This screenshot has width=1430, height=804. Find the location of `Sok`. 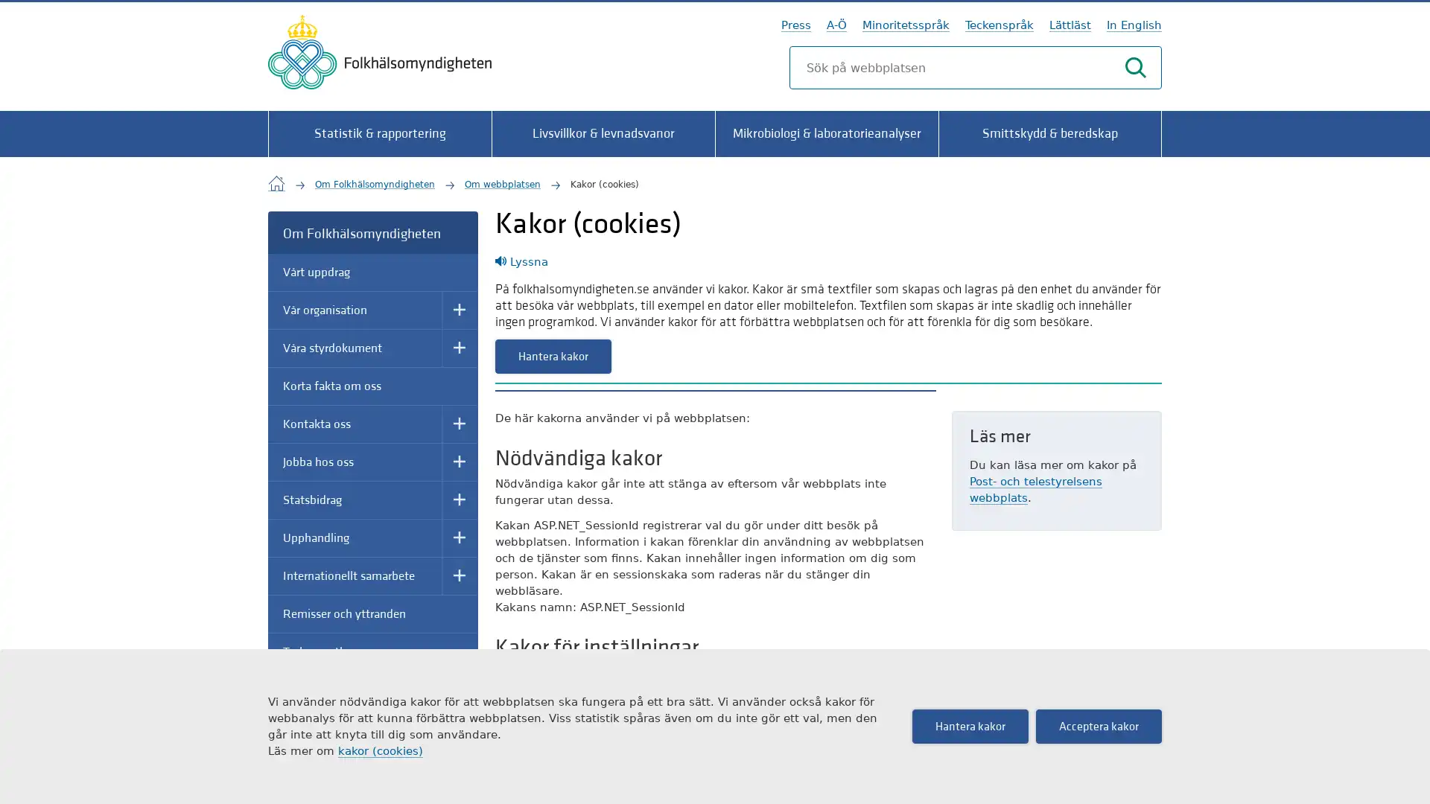

Sok is located at coordinates (1135, 68).